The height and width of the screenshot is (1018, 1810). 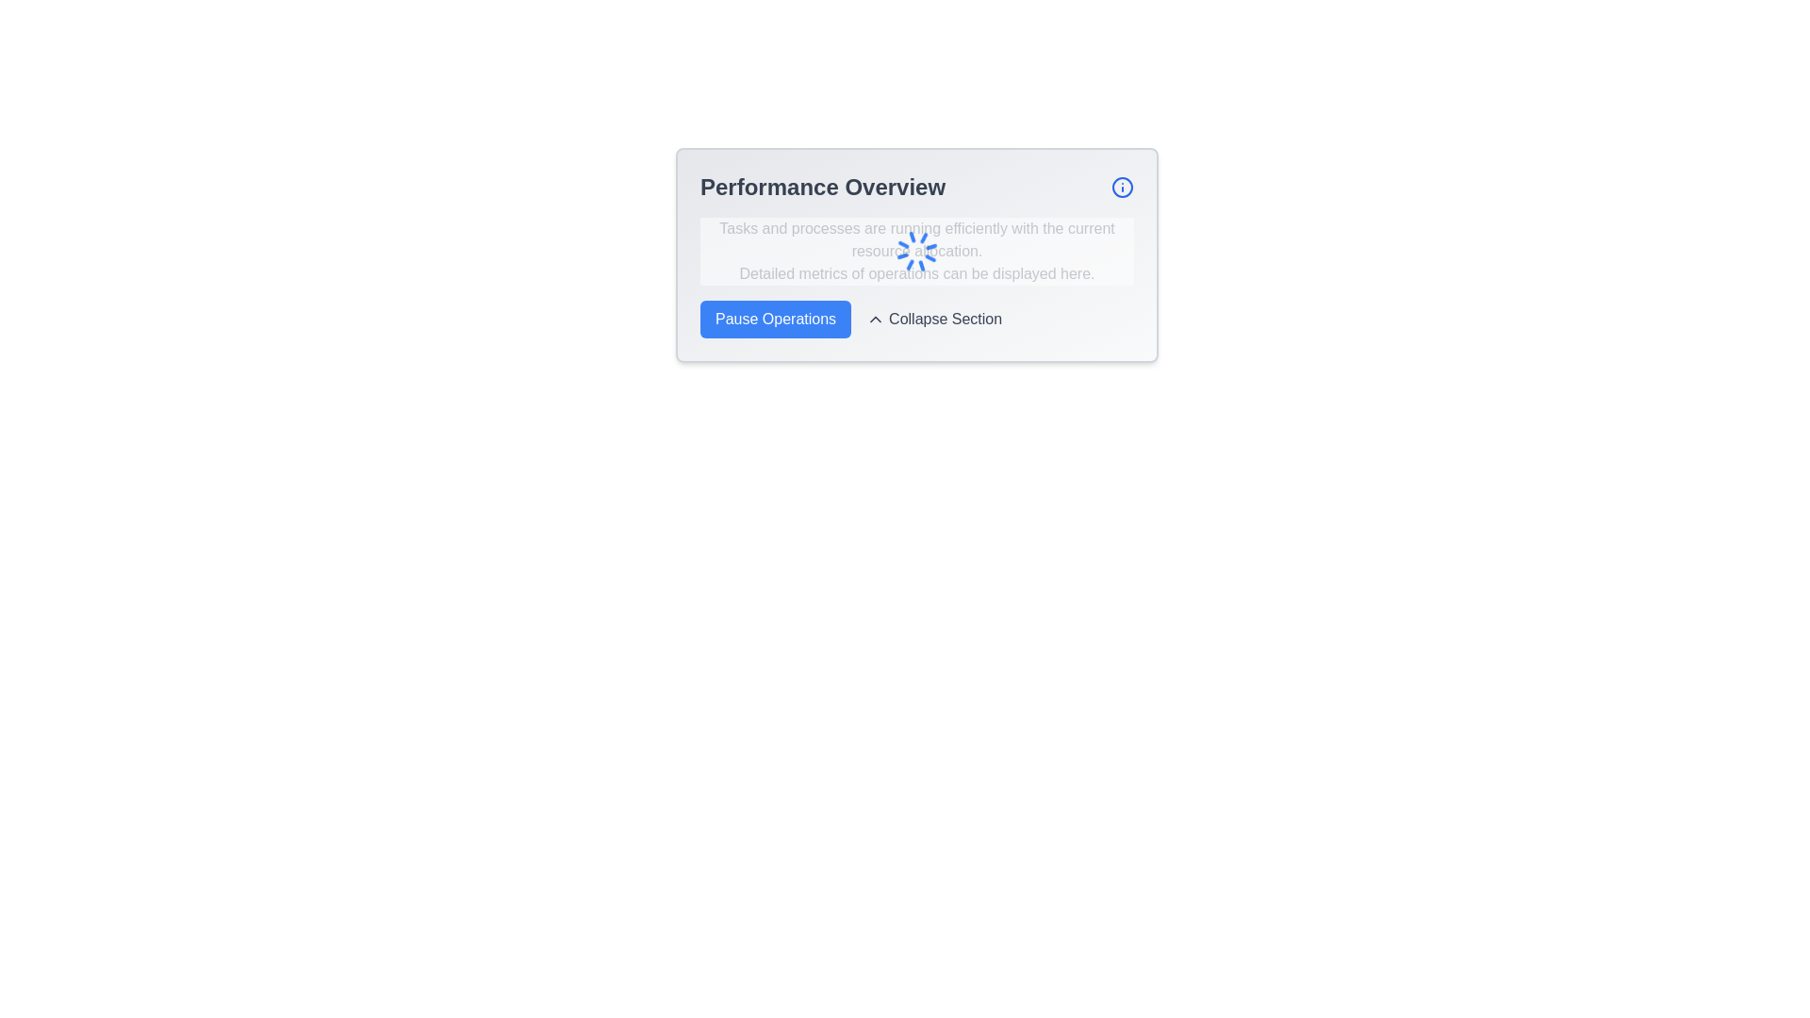 I want to click on the descriptive Text label providing information about the operational efficiency of tasks and processes, located under the 'Performance Overview' header, so click(x=917, y=238).